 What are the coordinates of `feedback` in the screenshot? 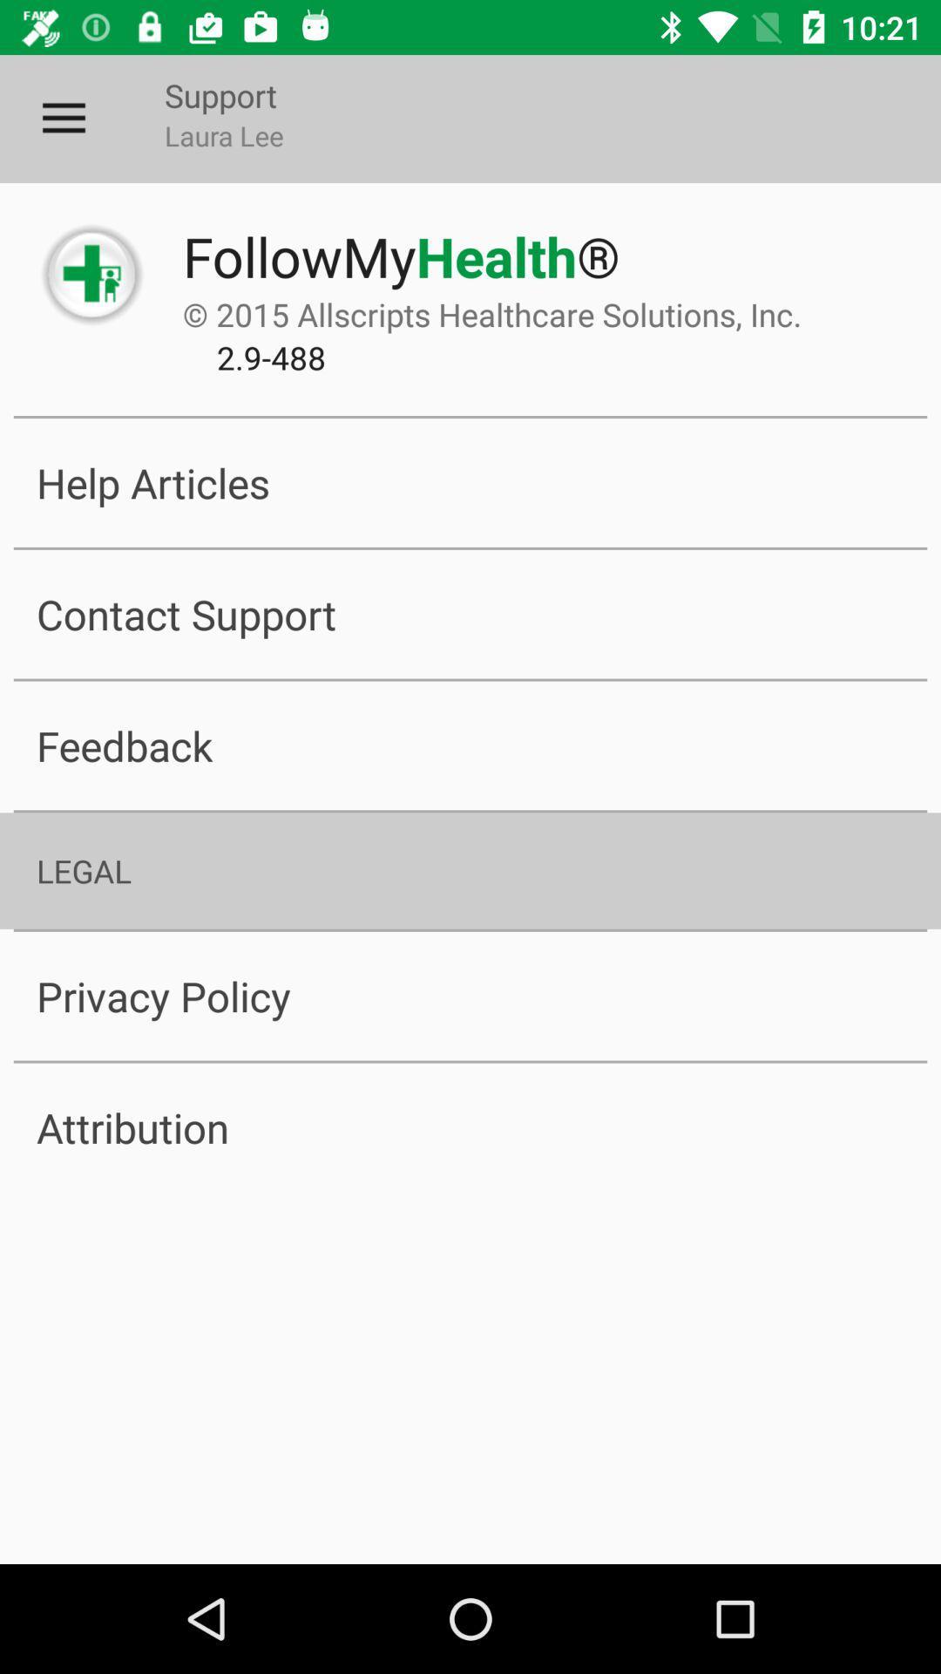 It's located at (470, 745).